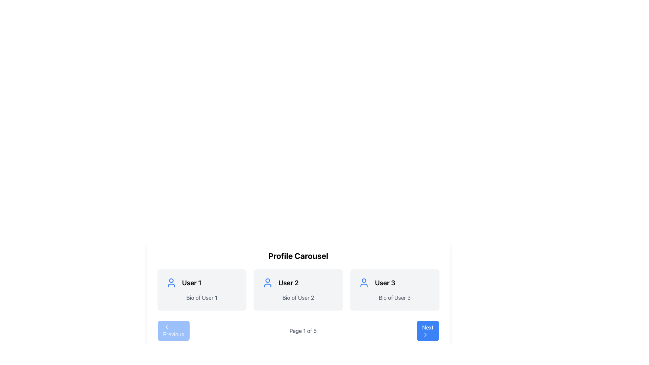 Image resolution: width=649 pixels, height=365 pixels. Describe the element at coordinates (425, 335) in the screenshot. I see `the chevron icon pointing to the right inside the blue 'Next' button located at the bottom-right corner of the interface` at that location.